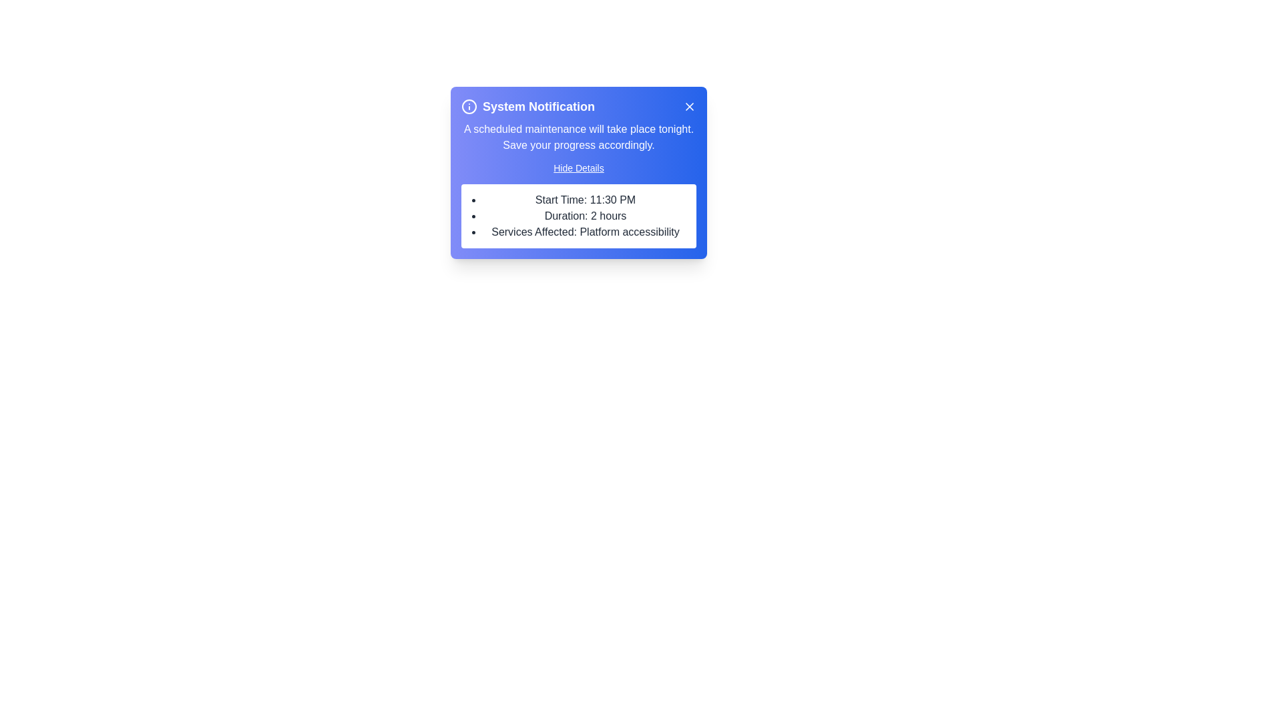  What do you see at coordinates (578, 167) in the screenshot?
I see `'Hide Details' button to toggle the visibility of the details section` at bounding box center [578, 167].